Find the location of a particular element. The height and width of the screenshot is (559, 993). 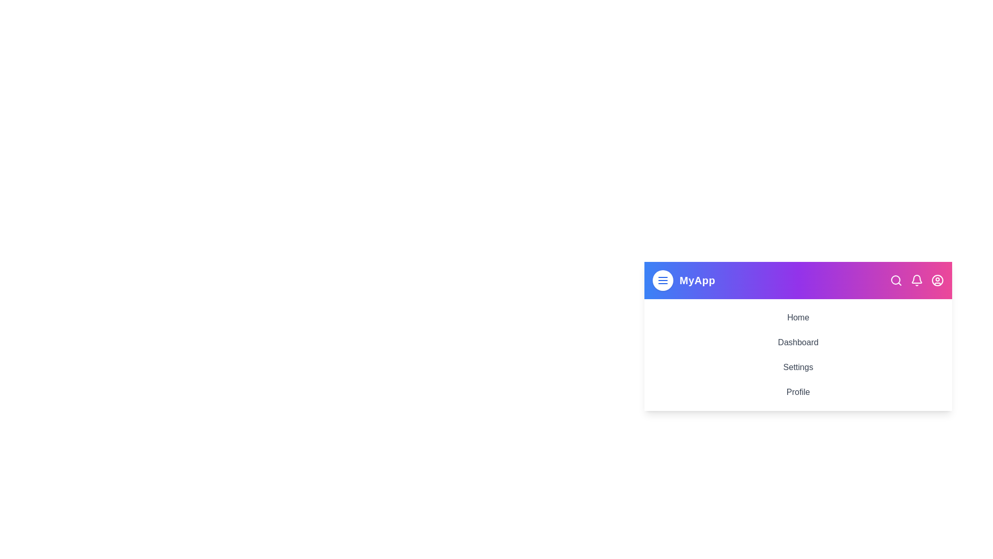

the user profile icon to open the user menu is located at coordinates (938, 281).